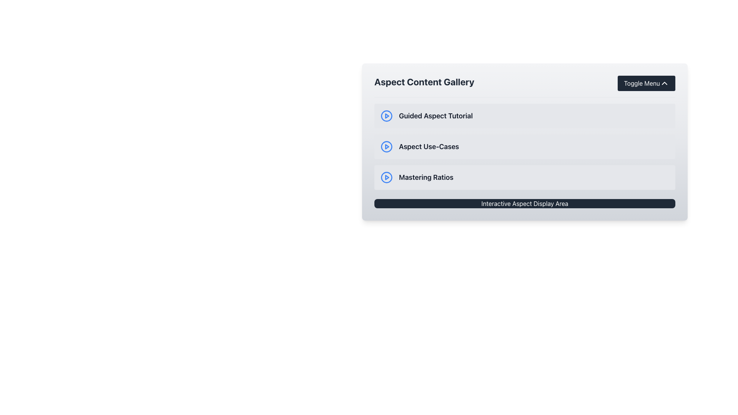  I want to click on blue arrow-shaped triangular SVG Icon indicating play functionality, located adjacent to the 'Guided Aspect Tutorial' text, so click(387, 116).